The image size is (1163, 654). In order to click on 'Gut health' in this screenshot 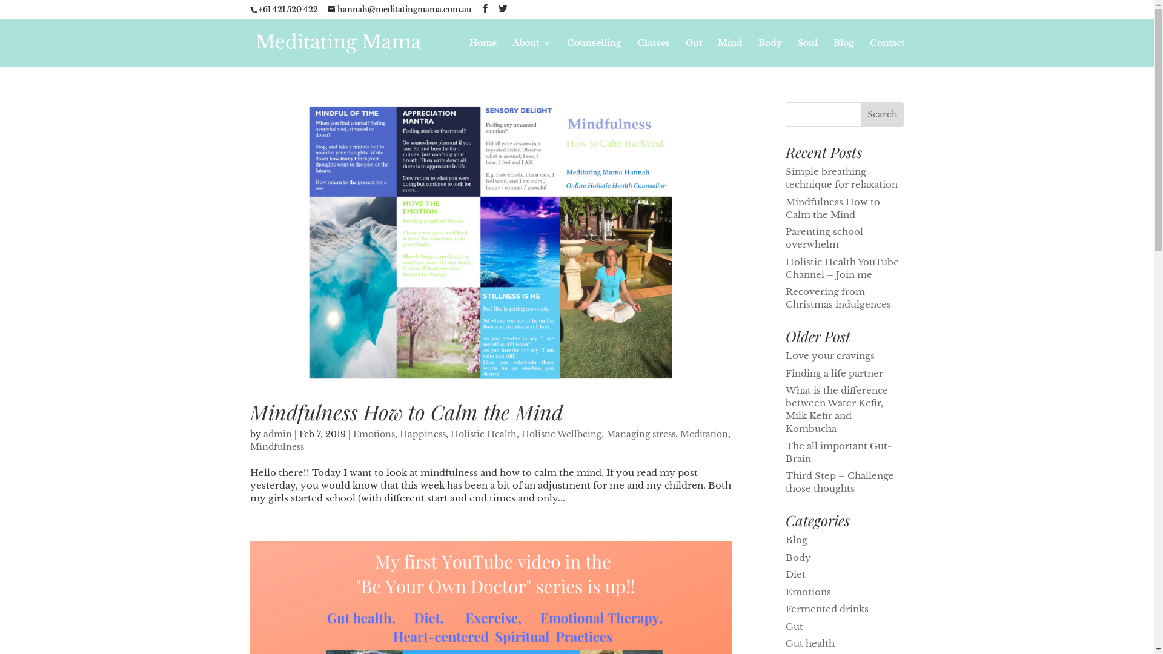, I will do `click(810, 642)`.